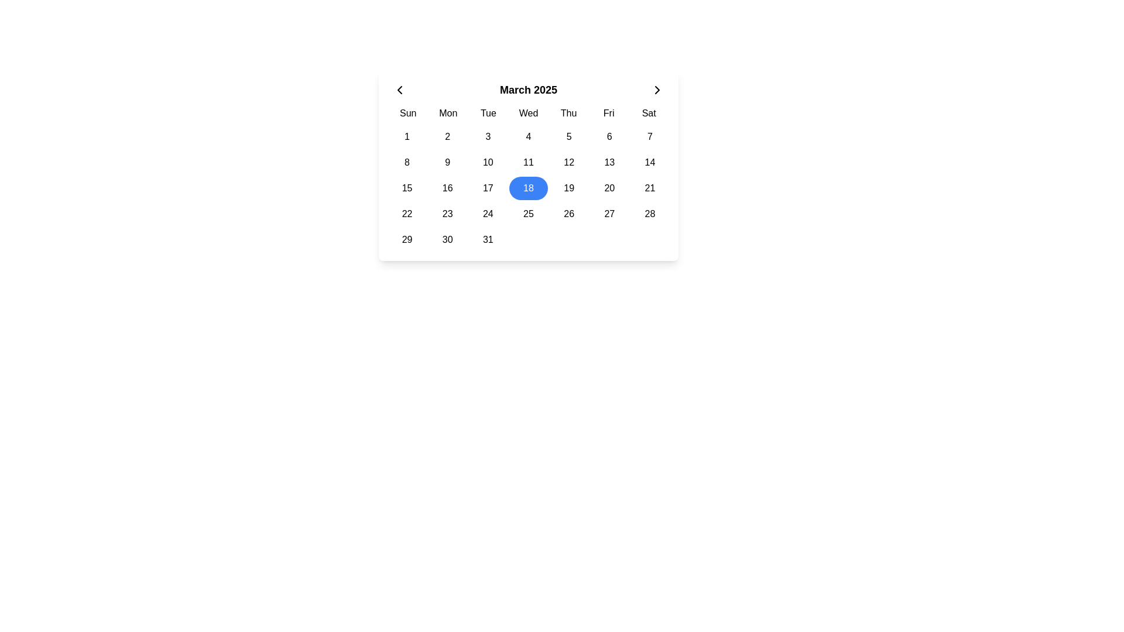 Image resolution: width=1124 pixels, height=632 pixels. What do you see at coordinates (569, 162) in the screenshot?
I see `the date selector button for March 12, 2025, located in the second row and fifth column of the calendar interface` at bounding box center [569, 162].